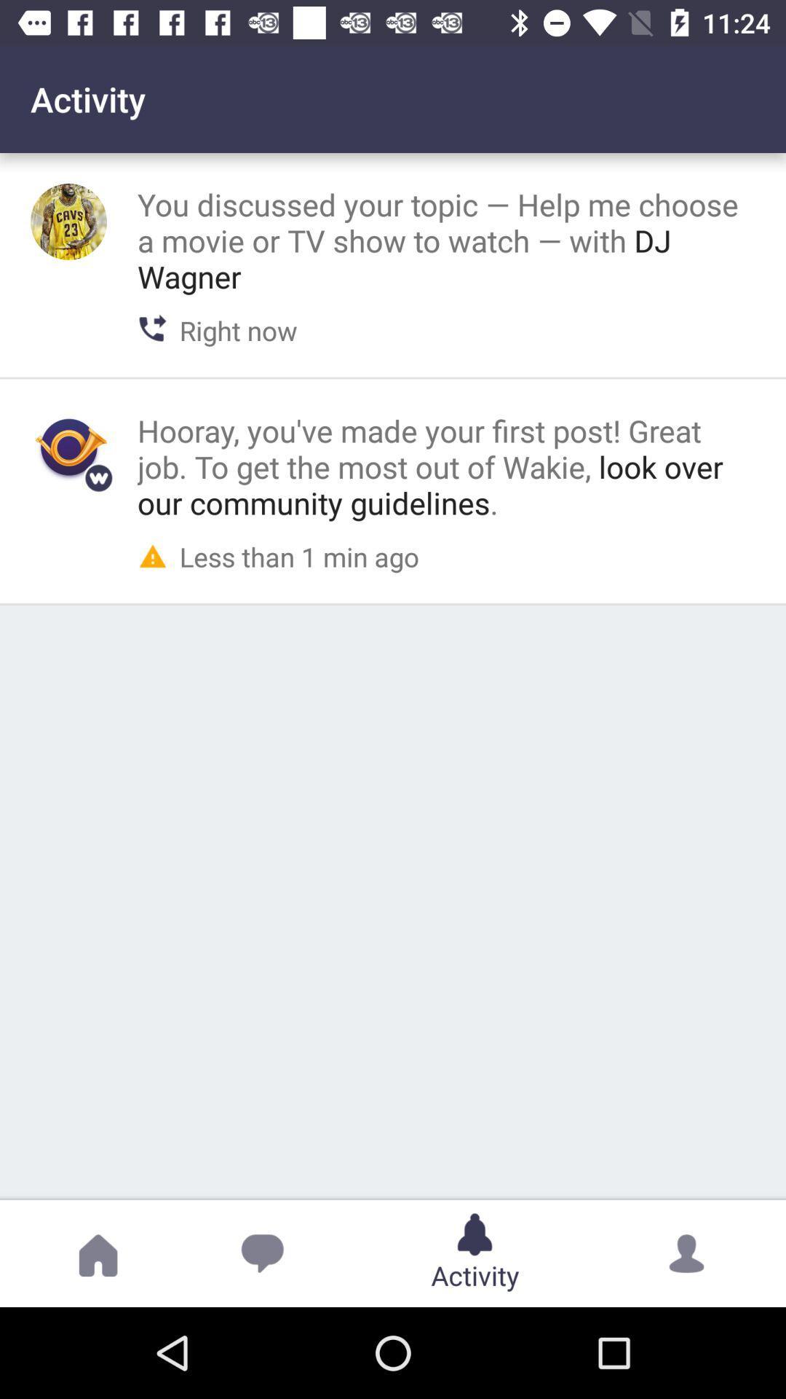 Image resolution: width=786 pixels, height=1399 pixels. I want to click on show perfil, so click(68, 221).